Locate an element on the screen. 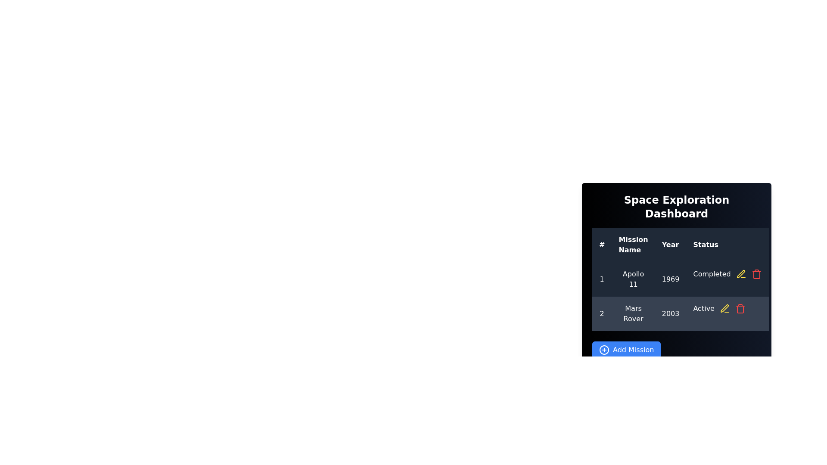 The width and height of the screenshot is (827, 465). the pen icon in the 'Status' column of the second row to initiate editing for the 'Mars Rover, Active' data entry is located at coordinates (740, 274).